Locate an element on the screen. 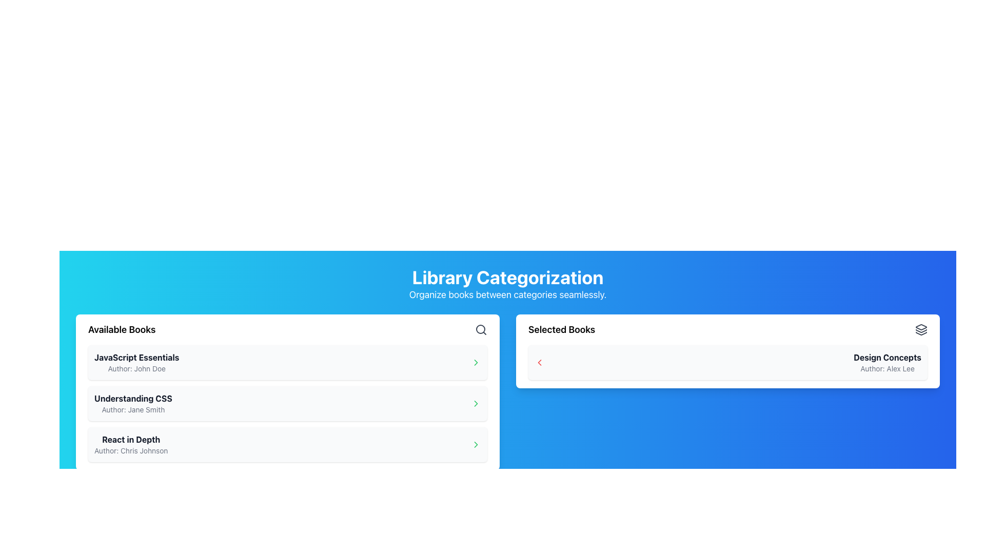 This screenshot has width=985, height=554. text label that says 'Author: Chris Johnson', which is styled in gray and located below the bold title 'React in Depth' in the 'Available Books' section is located at coordinates (130, 450).